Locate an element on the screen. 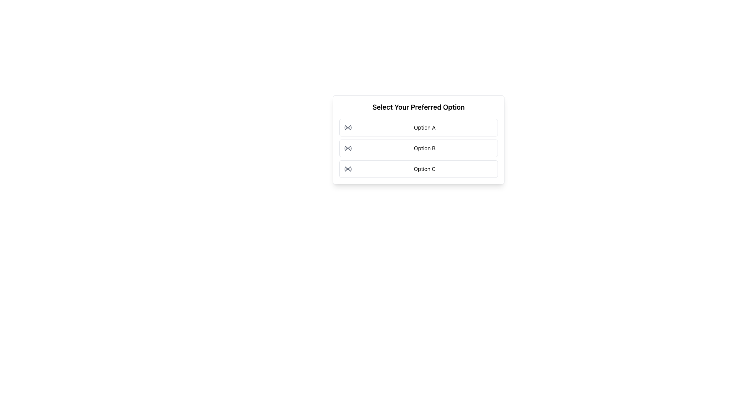 The image size is (736, 414). the button labeled 'Option C', which is the third item in a vertically stacked list of options is located at coordinates (418, 168).